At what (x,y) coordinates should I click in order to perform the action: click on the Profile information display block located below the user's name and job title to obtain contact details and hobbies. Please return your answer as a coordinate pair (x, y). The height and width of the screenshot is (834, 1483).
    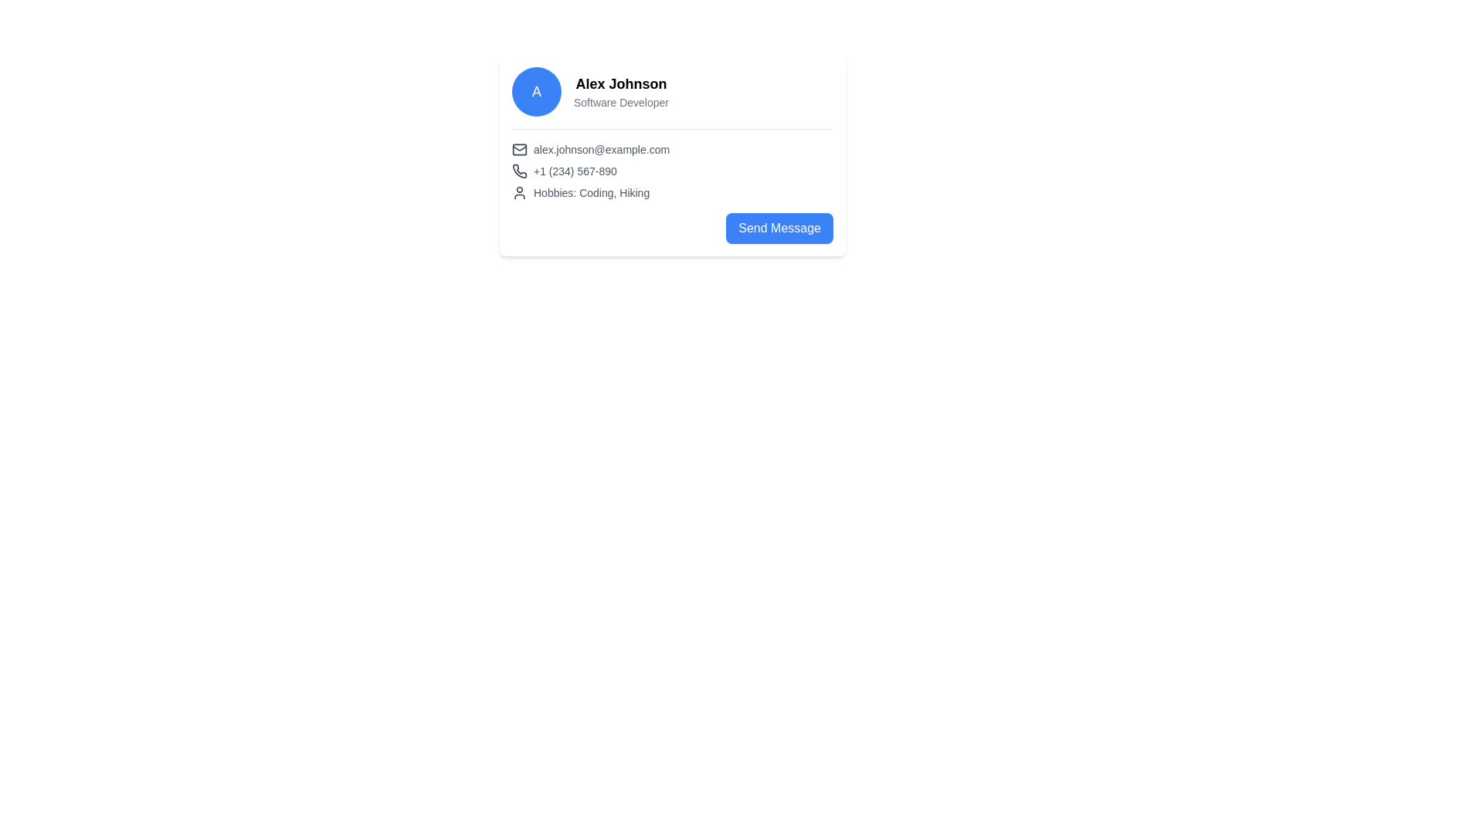
    Looking at the image, I should click on (672, 164).